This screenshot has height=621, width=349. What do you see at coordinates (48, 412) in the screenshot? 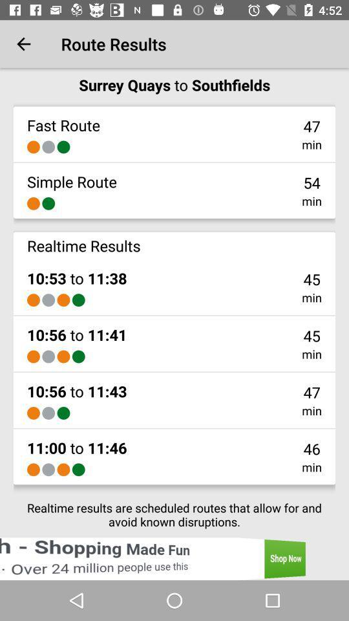
I see `item below 10 56 to icon` at bounding box center [48, 412].